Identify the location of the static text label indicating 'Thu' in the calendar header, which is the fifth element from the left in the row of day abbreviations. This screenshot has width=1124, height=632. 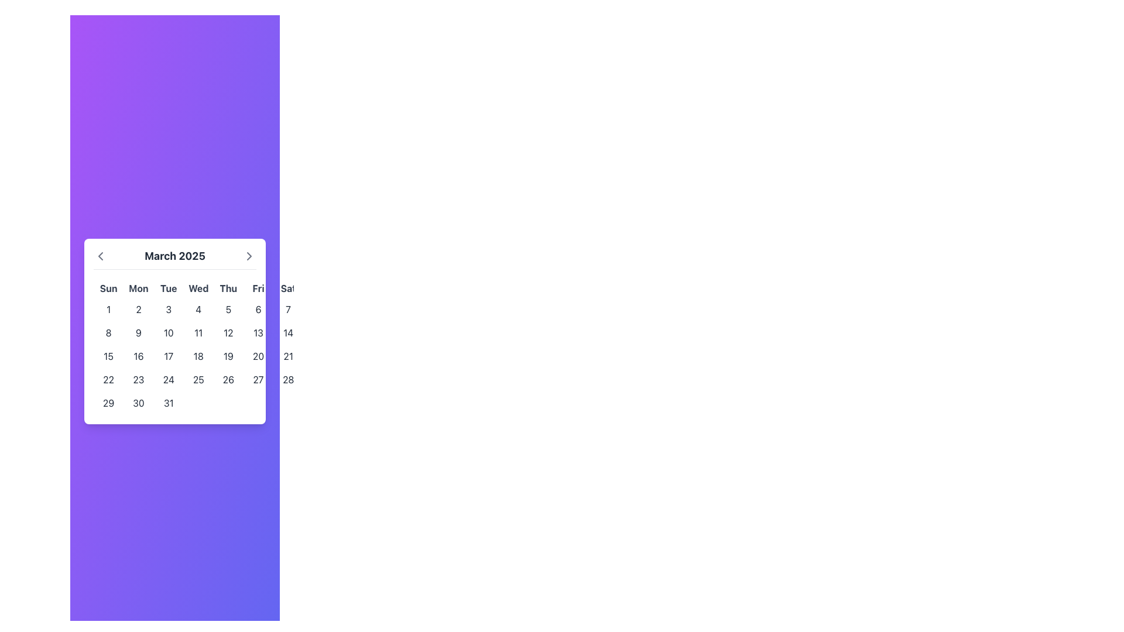
(228, 288).